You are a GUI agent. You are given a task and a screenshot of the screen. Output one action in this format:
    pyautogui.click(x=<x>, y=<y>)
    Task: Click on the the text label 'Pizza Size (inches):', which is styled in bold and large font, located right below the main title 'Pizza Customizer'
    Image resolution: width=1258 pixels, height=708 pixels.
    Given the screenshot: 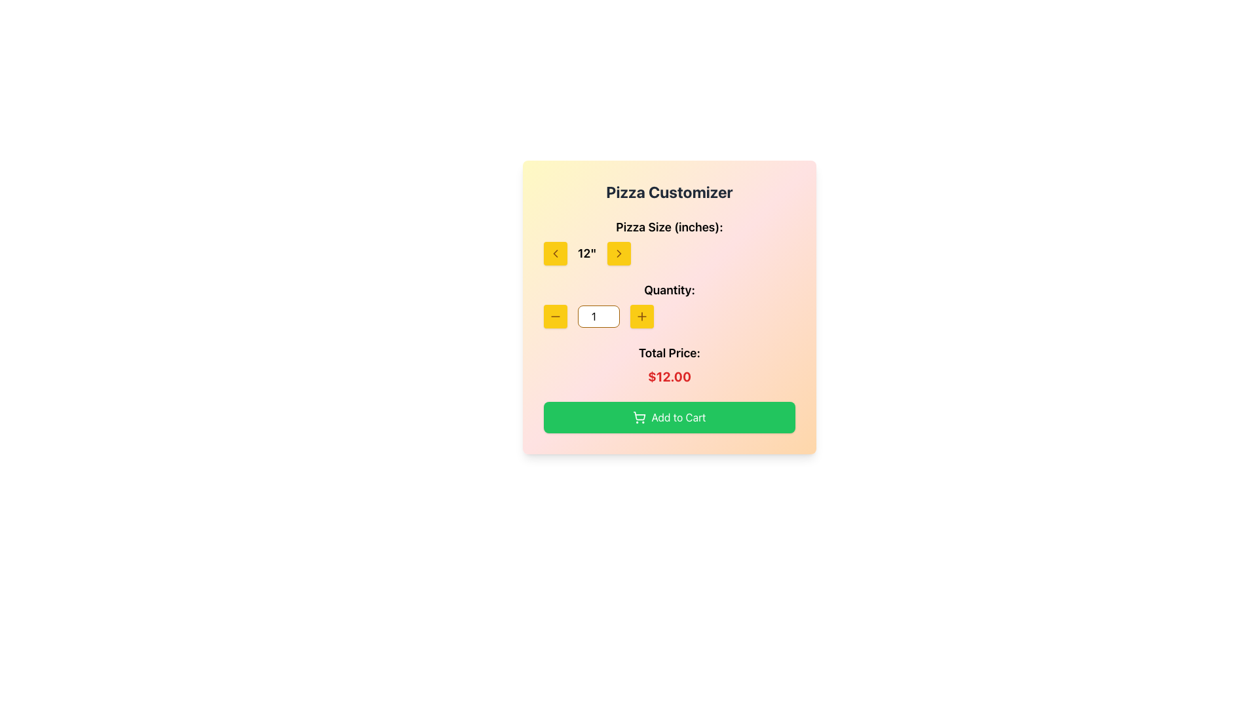 What is the action you would take?
    pyautogui.click(x=670, y=227)
    